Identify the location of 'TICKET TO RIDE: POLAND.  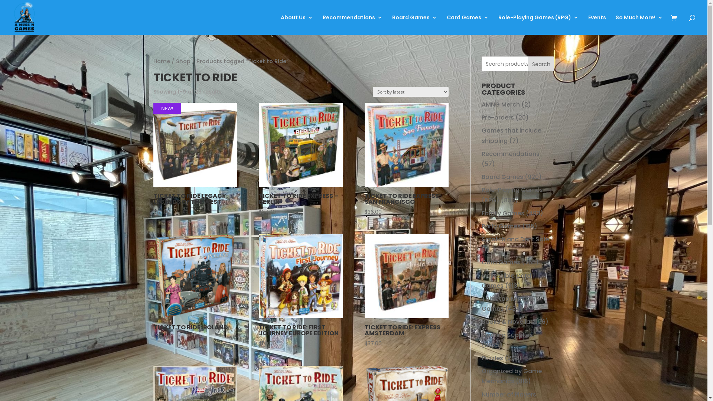
(195, 287).